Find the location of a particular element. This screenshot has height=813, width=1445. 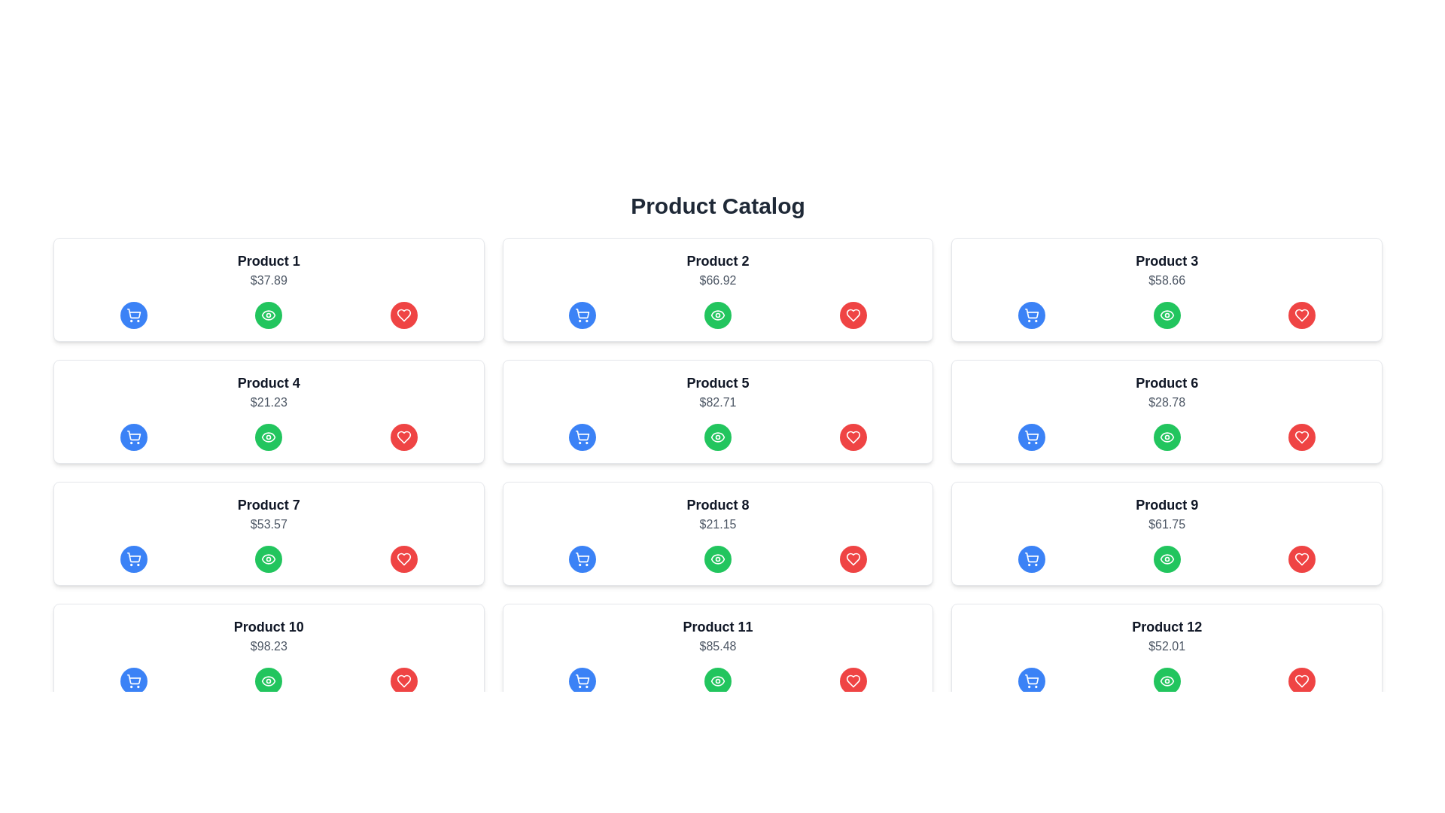

the red heart-shaped vector icon located at the bottom right corner of the 'Product 4' card, aligned with other action icons is located at coordinates (403, 315).